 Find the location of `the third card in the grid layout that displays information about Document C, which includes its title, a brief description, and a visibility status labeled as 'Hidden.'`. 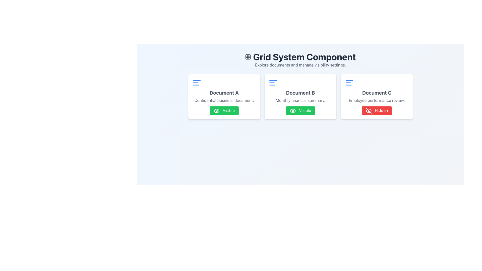

the third card in the grid layout that displays information about Document C, which includes its title, a brief description, and a visibility status labeled as 'Hidden.' is located at coordinates (377, 96).